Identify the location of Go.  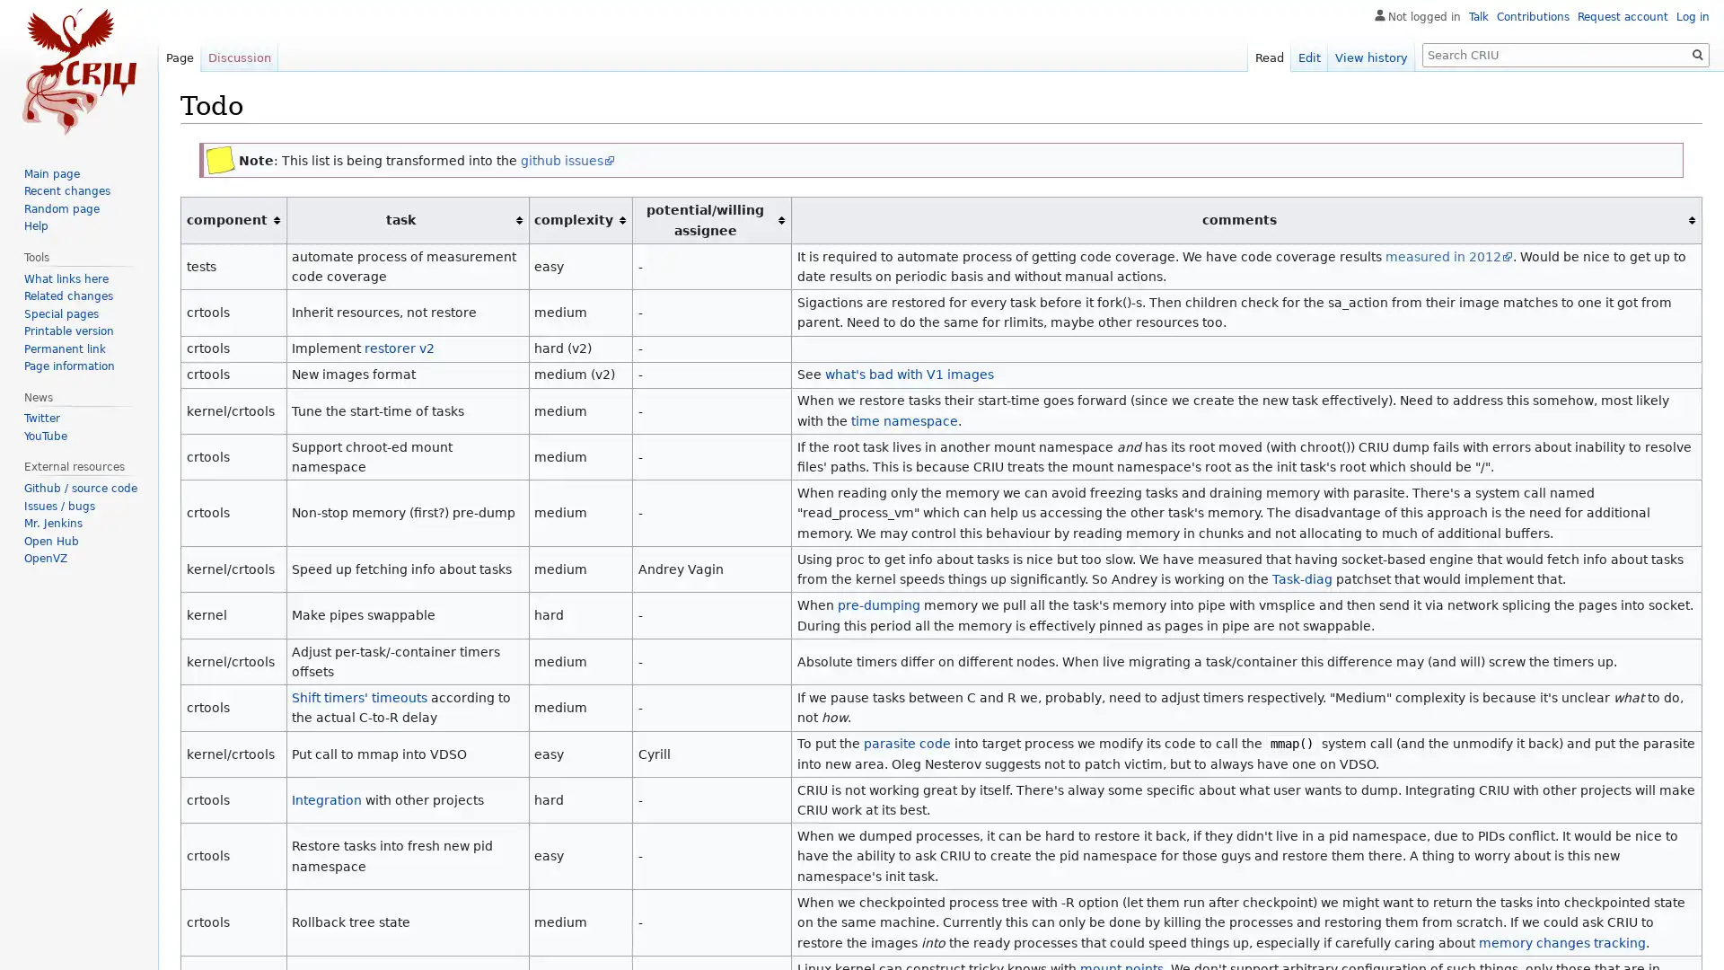
(1697, 54).